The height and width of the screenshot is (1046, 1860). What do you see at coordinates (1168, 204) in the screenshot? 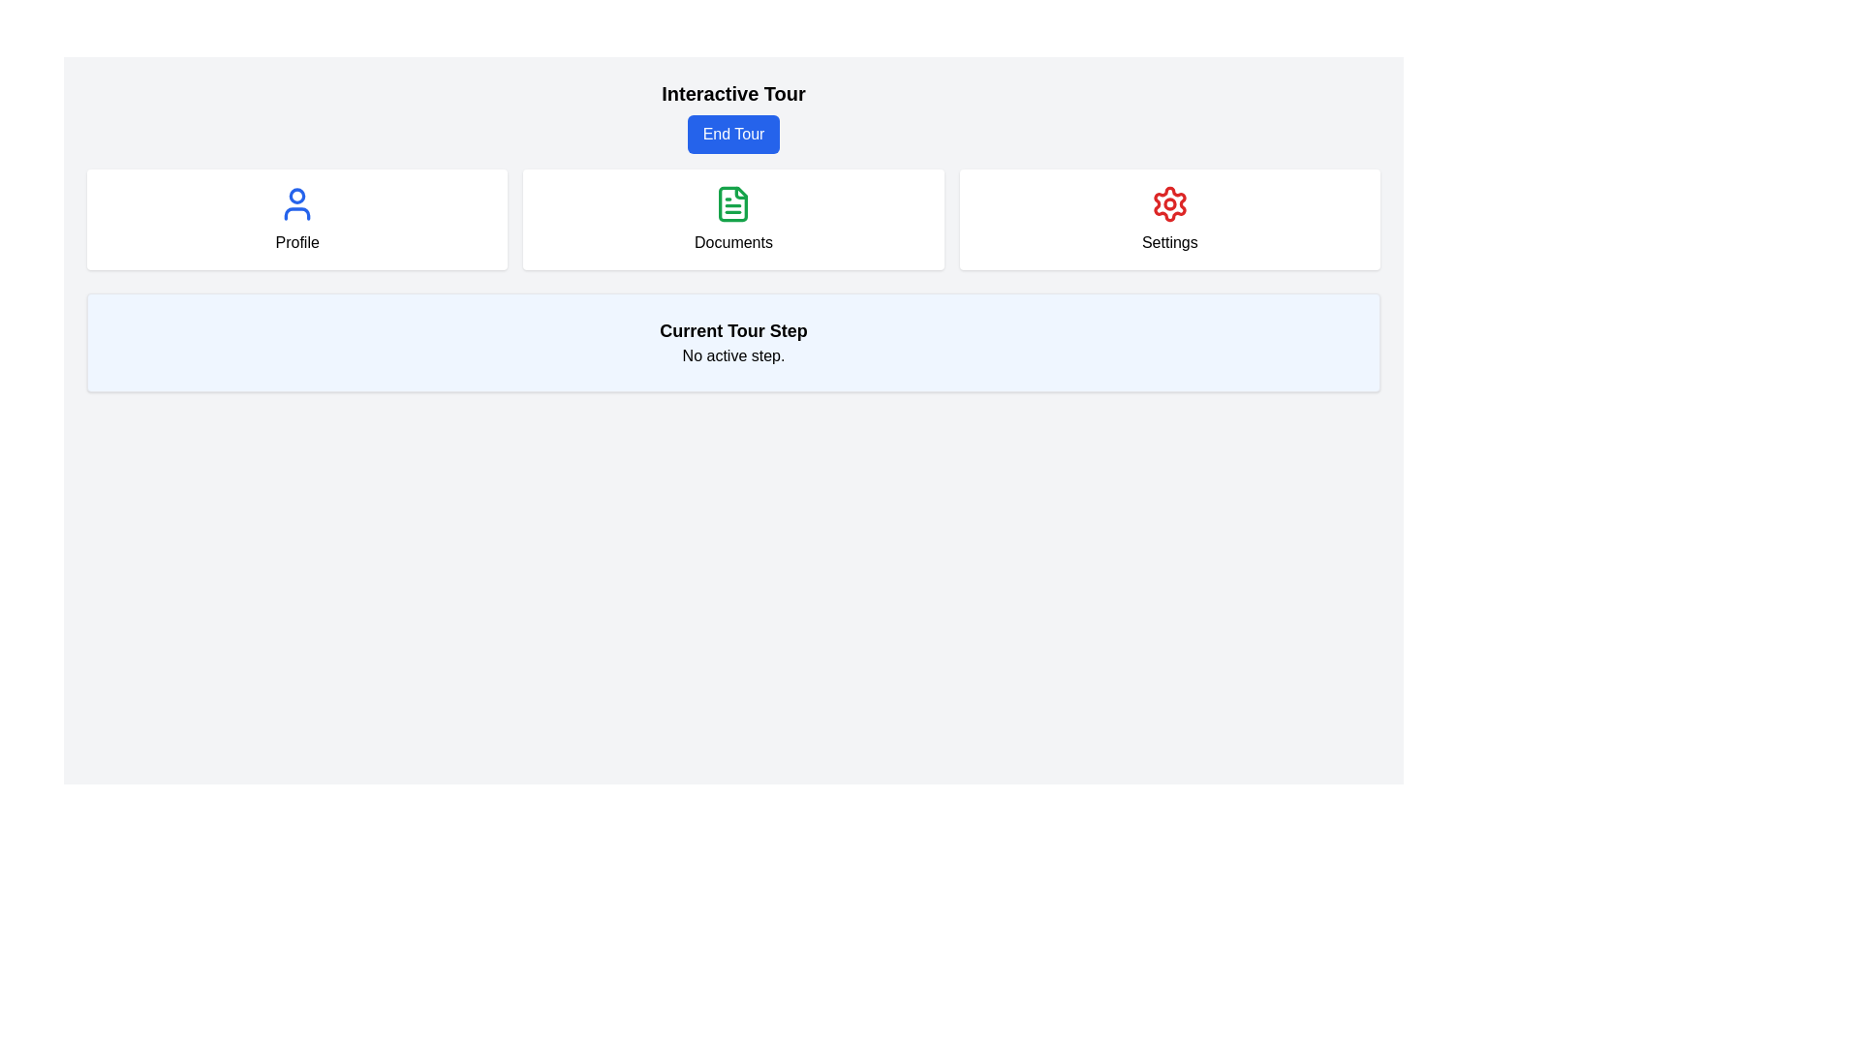
I see `the gear icon which serves as a visual indication for accessing settings or configuration options to interact with the settings functionality` at bounding box center [1168, 204].